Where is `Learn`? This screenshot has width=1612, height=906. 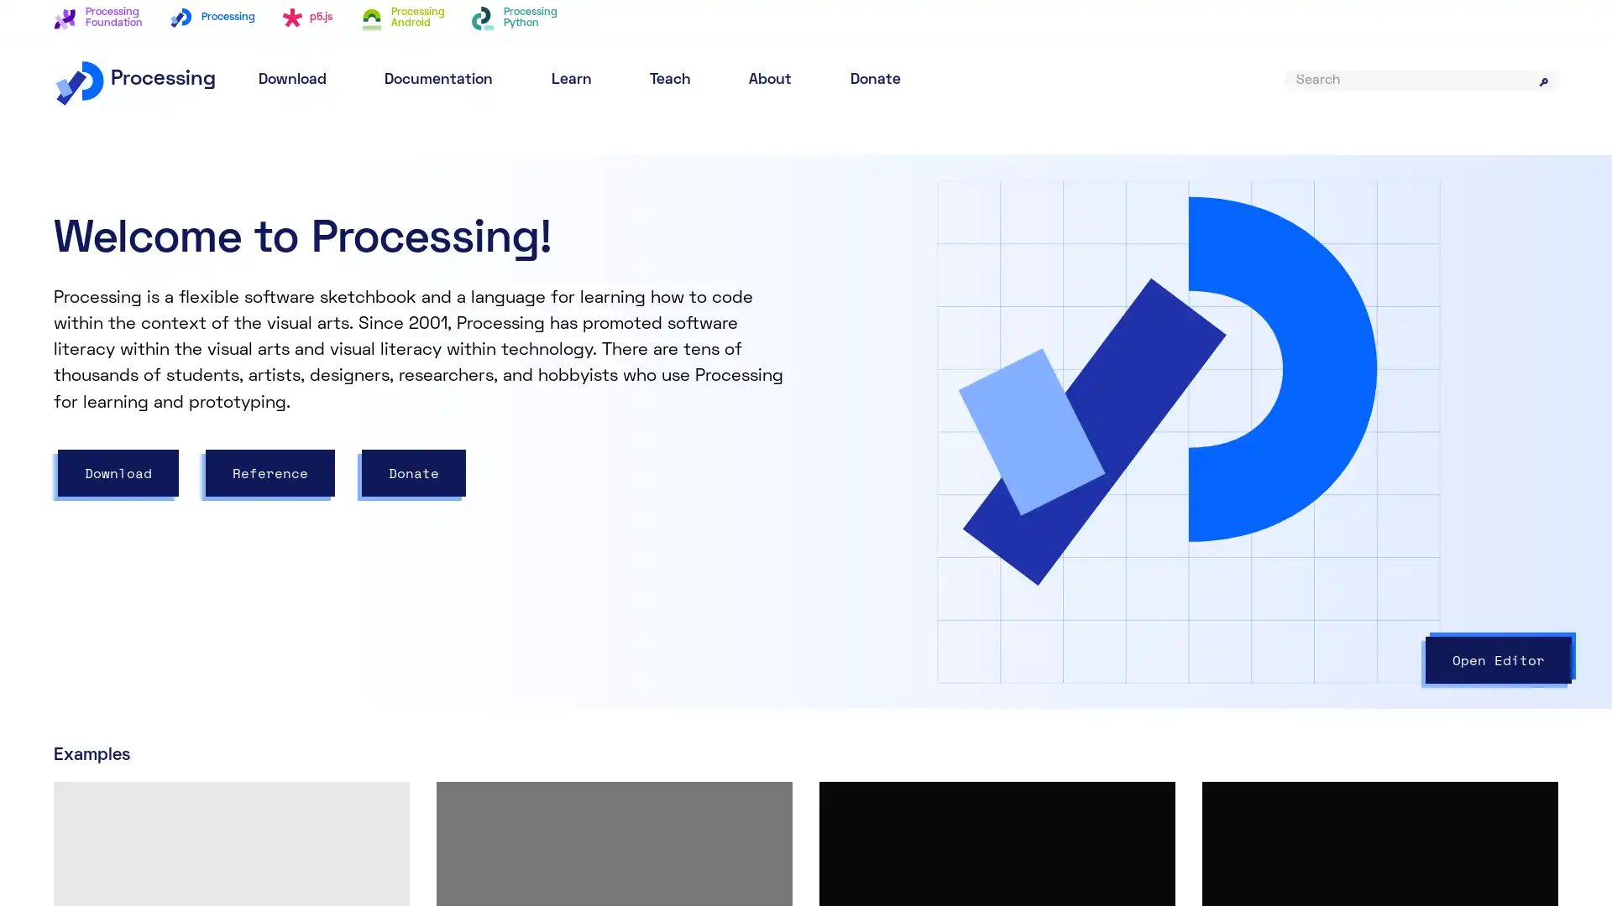
Learn is located at coordinates (571, 79).